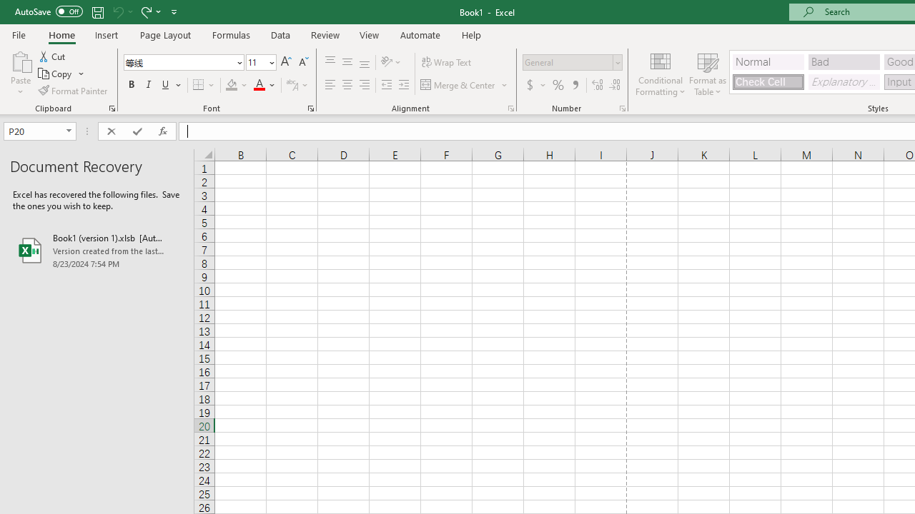 The width and height of the screenshot is (915, 514). I want to click on 'Underline', so click(166, 85).